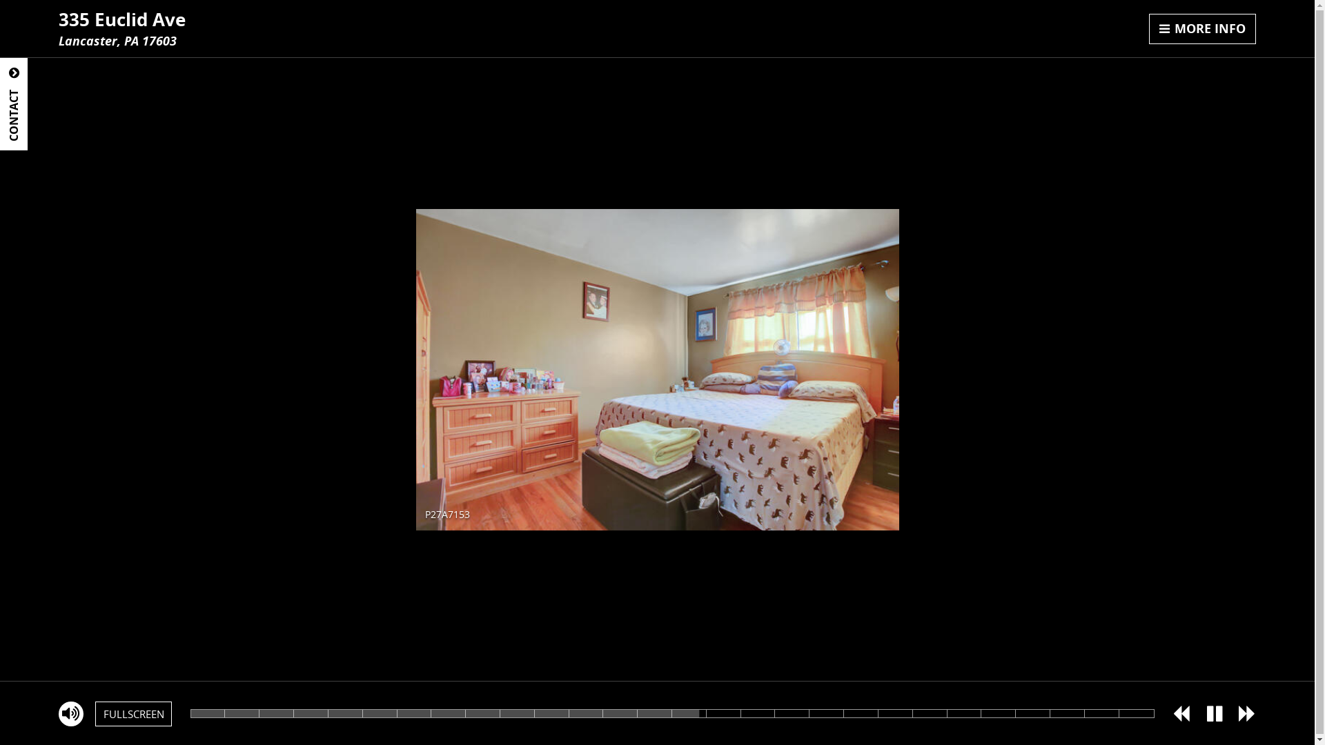  I want to click on 'MORE INFO', so click(1149, 29).